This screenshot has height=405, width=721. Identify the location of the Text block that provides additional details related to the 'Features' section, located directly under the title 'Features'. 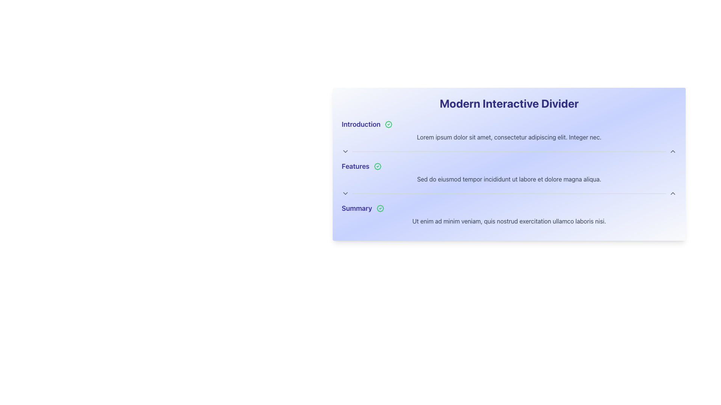
(509, 179).